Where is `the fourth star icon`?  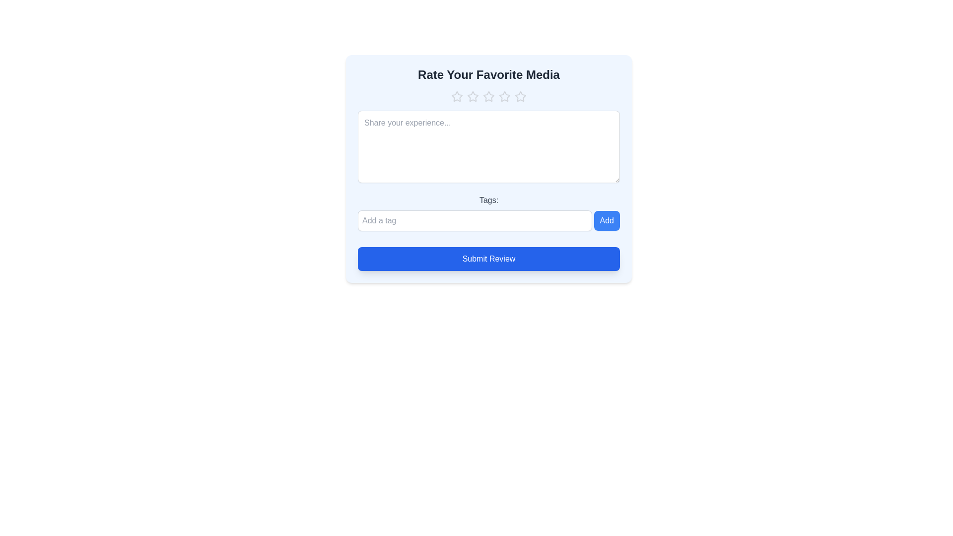 the fourth star icon is located at coordinates (505, 97).